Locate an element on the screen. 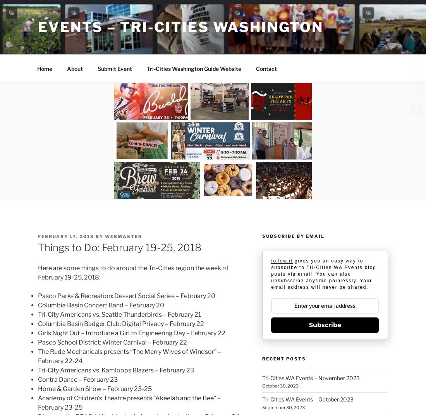  'Tri-Cities Washington Guide Website' is located at coordinates (193, 68).